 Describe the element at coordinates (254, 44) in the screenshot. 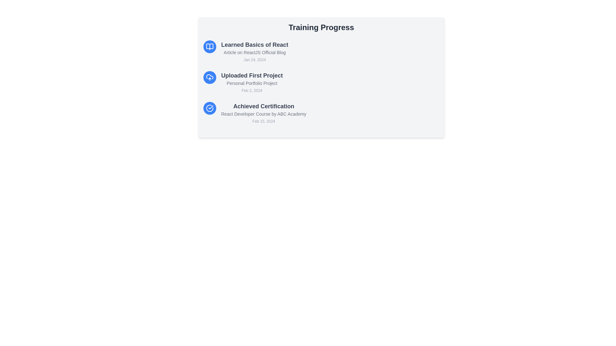

I see `the title or heading for a completed milestone in the training progress interface, located above the 'Article on ReactJS Official Blog' and the date 'Jan 24, 2024'` at that location.